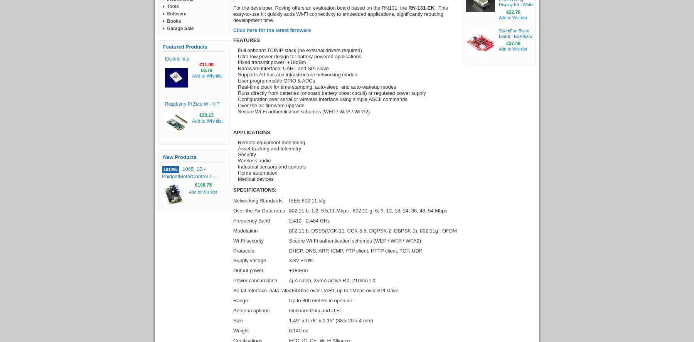 This screenshot has width=694, height=342. What do you see at coordinates (288, 280) in the screenshot?
I see `'4µA sleep, 35mA active RX, 210mA TX'` at bounding box center [288, 280].